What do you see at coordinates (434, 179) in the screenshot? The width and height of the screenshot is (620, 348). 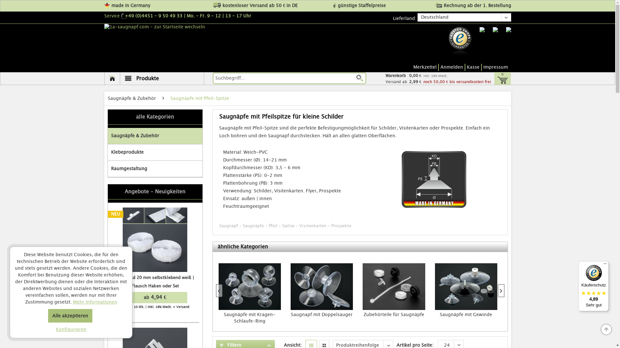 I see `'Saugnapf mit Pfeil-Spitze'` at bounding box center [434, 179].